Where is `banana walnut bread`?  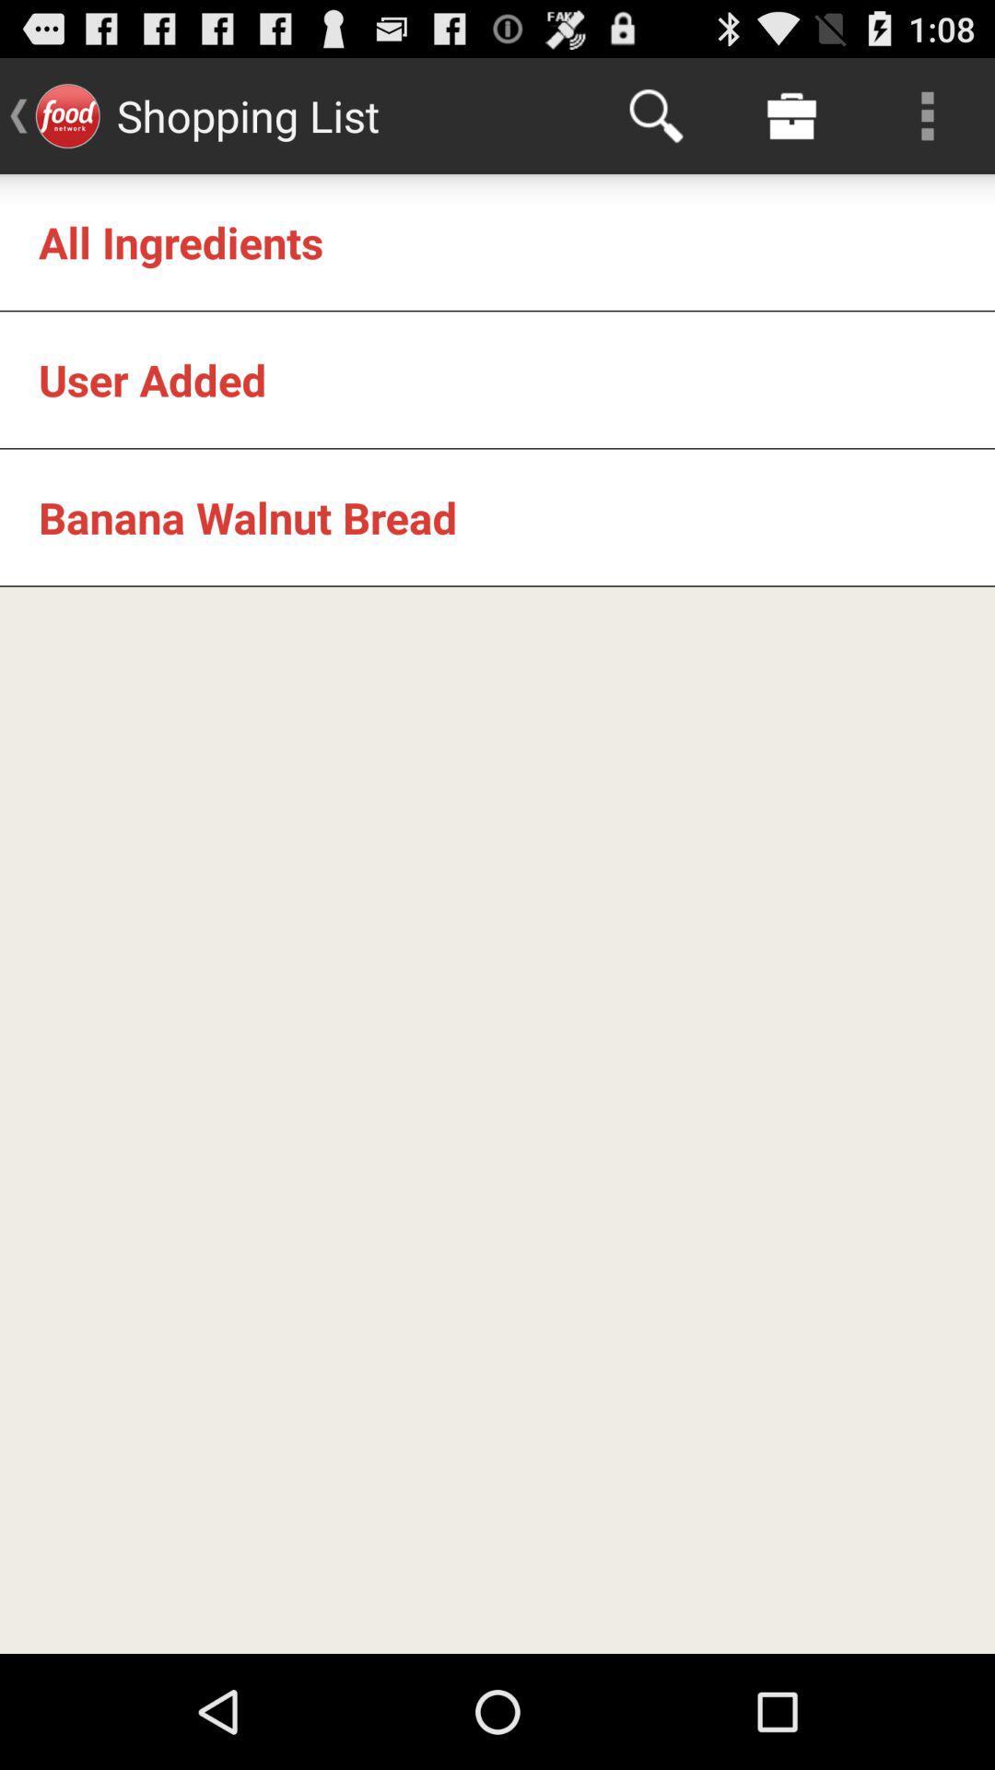 banana walnut bread is located at coordinates (247, 516).